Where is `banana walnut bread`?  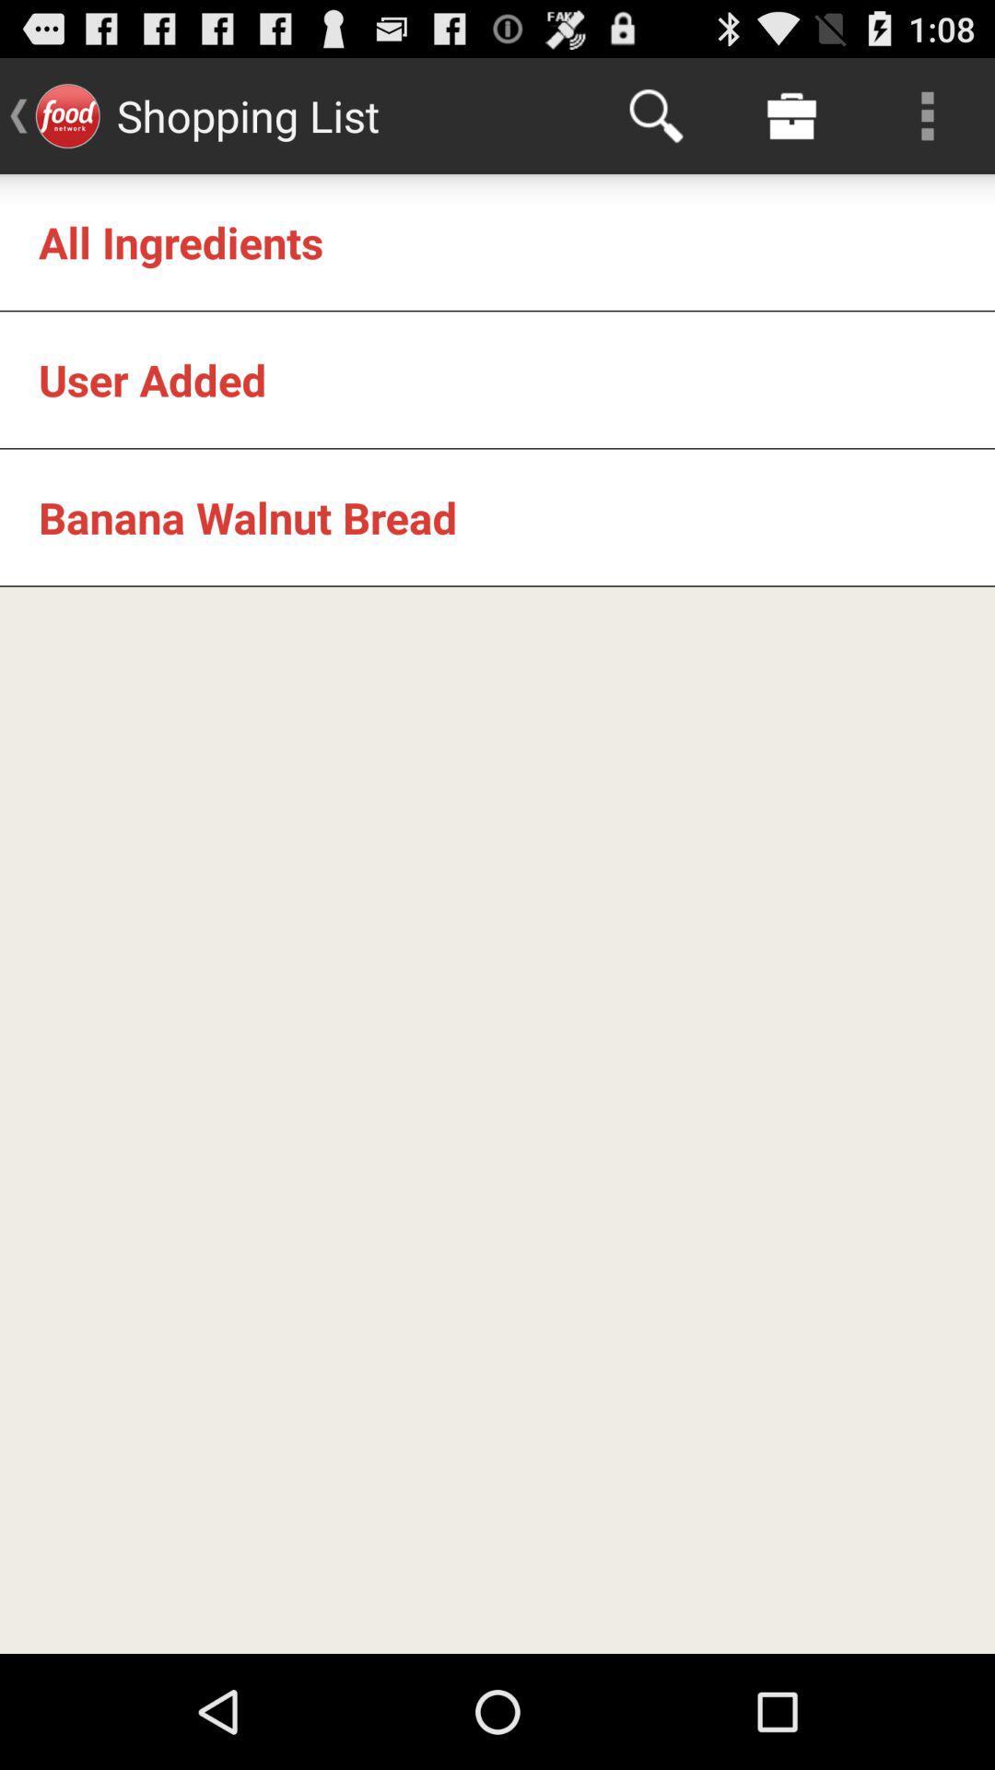 banana walnut bread is located at coordinates (247, 516).